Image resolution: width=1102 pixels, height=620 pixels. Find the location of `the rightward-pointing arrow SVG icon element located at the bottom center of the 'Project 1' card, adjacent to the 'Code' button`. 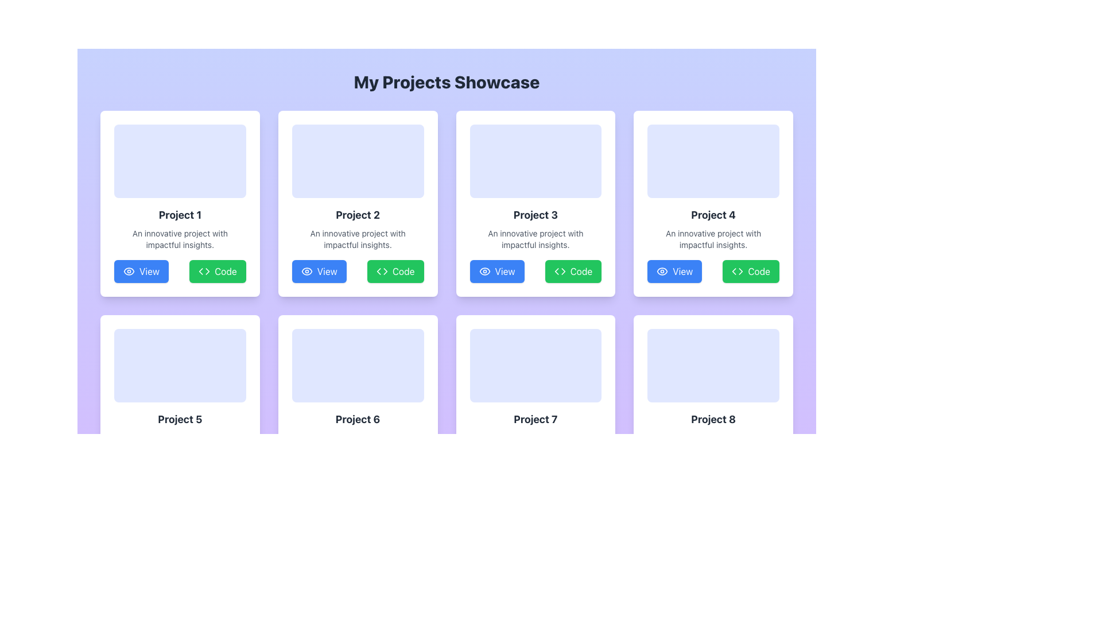

the rightward-pointing arrow SVG icon element located at the bottom center of the 'Project 1' card, adjacent to the 'Code' button is located at coordinates (207, 272).